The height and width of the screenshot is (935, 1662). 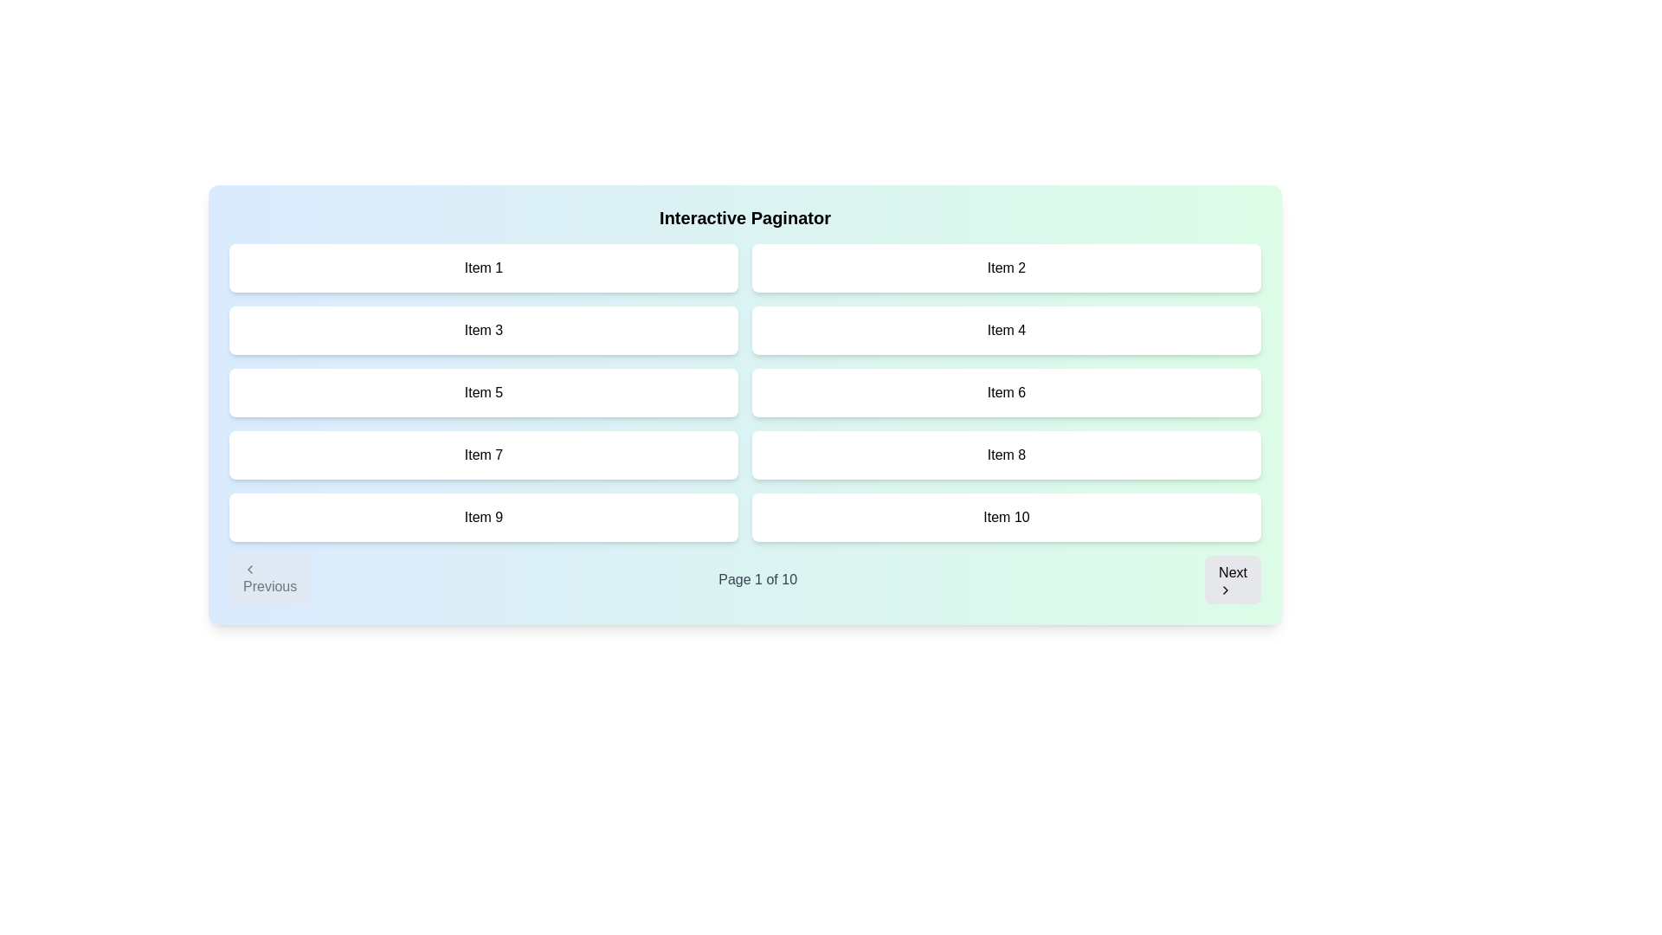 I want to click on the Text element displaying 'Item 6', which is styled in a medium-weight font and located in the second column of a two-column grid layout, specifically in the third row, so click(x=1006, y=393).